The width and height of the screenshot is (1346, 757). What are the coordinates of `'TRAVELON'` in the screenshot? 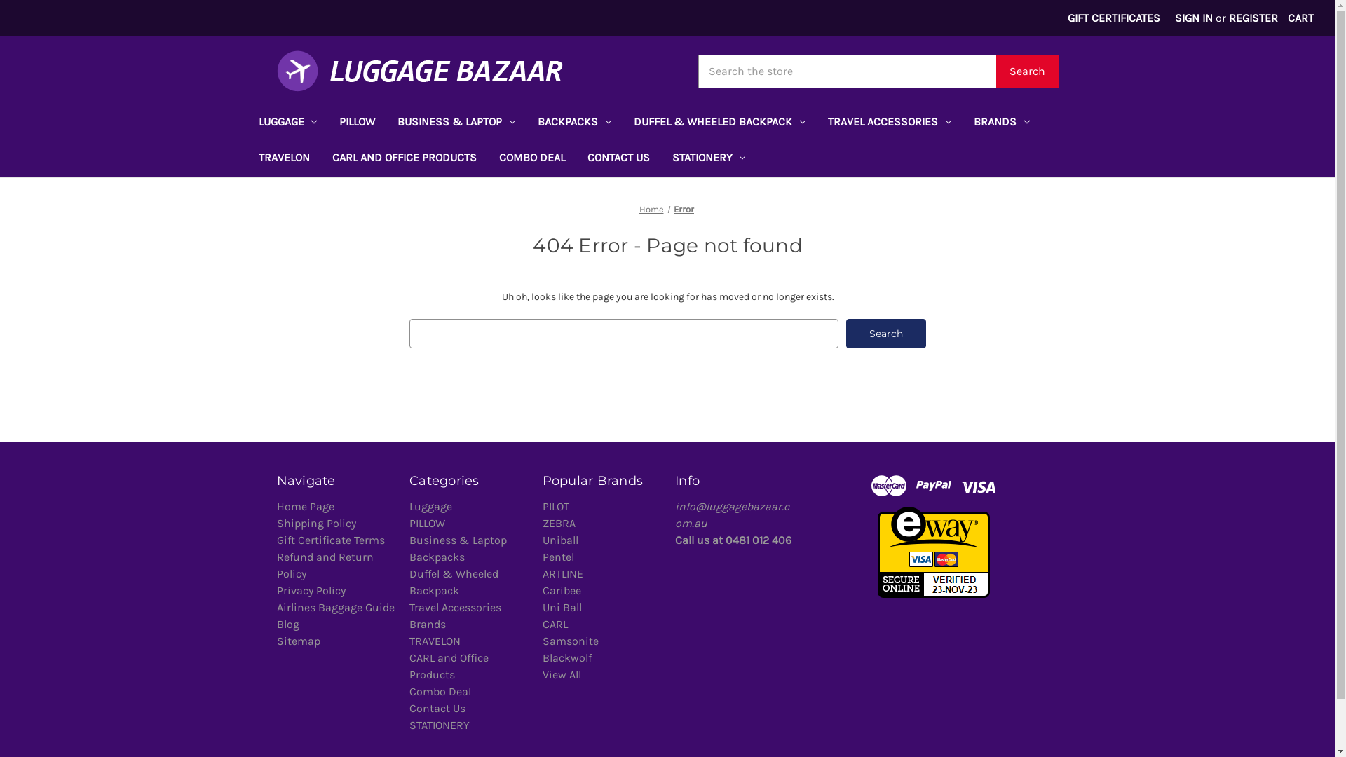 It's located at (283, 158).